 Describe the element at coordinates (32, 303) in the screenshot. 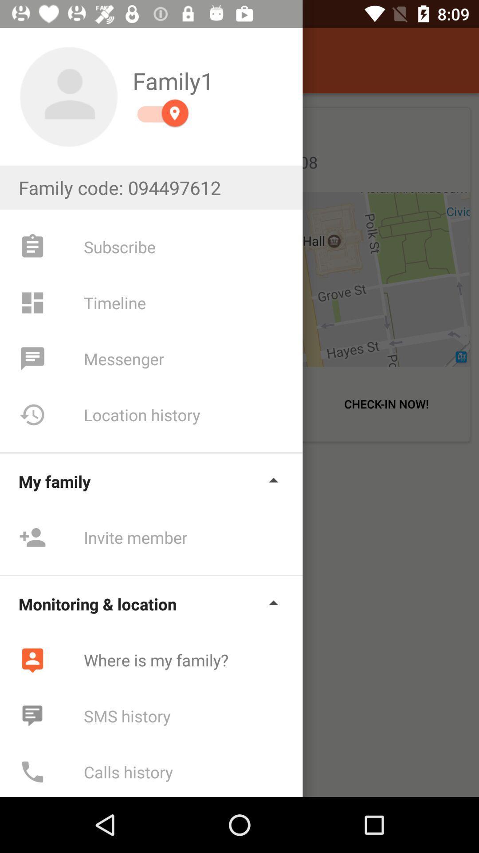

I see `the timeline icon` at that location.